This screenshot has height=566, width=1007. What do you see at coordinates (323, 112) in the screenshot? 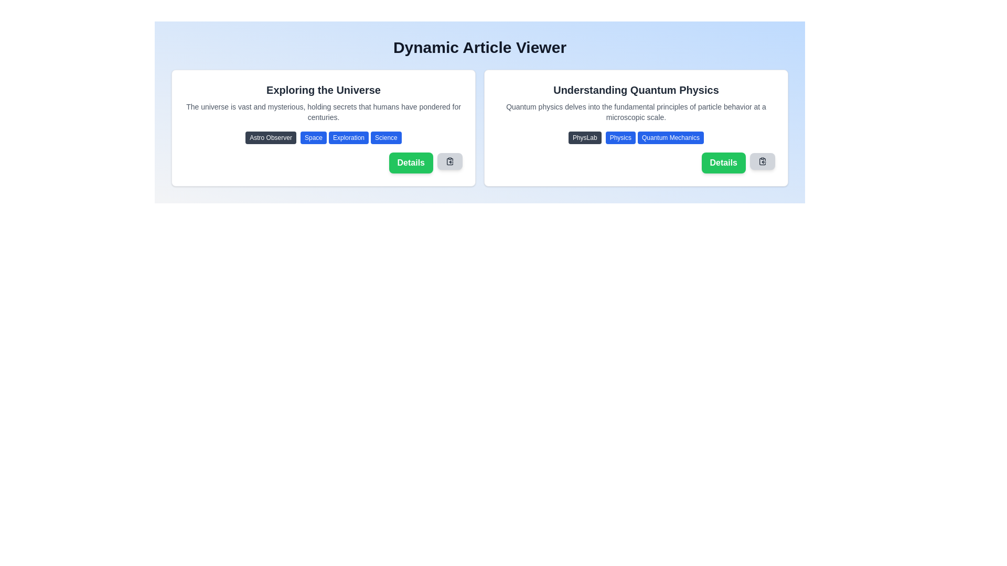
I see `the descriptive text block that provides additional context about 'Exploring the Universe', positioned beneath the title and above the tags and action buttons` at bounding box center [323, 112].